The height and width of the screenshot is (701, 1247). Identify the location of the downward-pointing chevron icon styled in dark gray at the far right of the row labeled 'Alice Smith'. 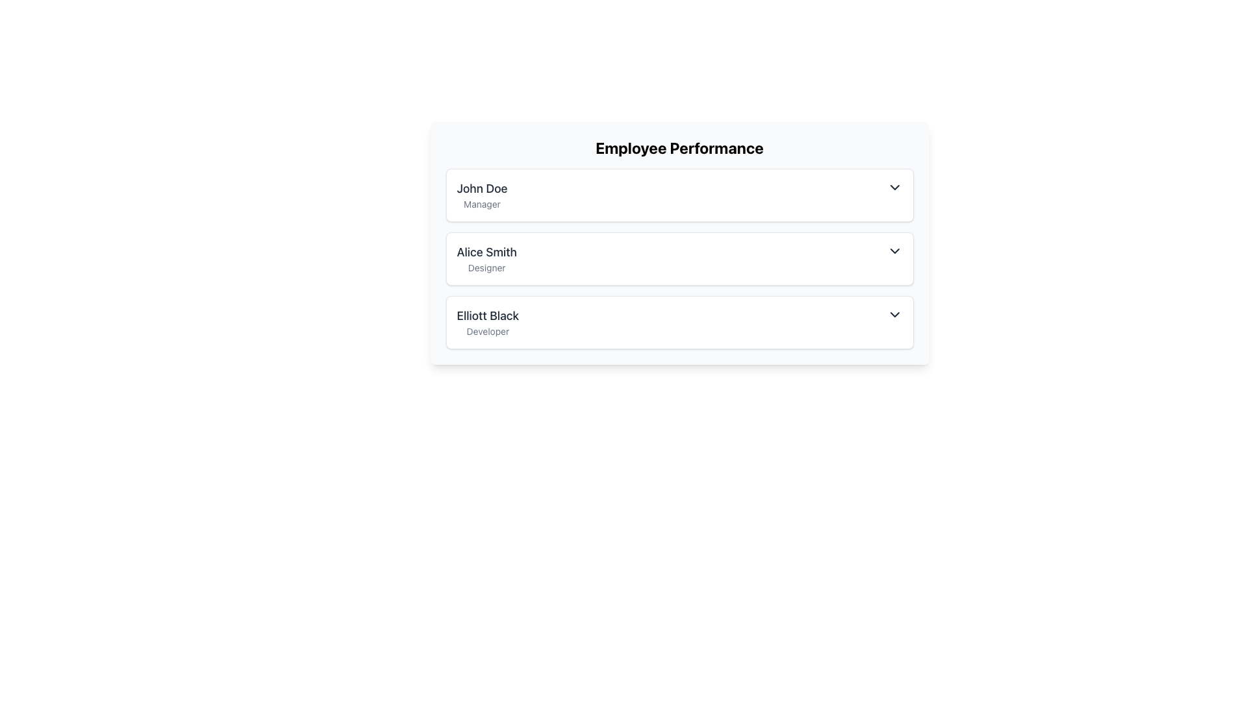
(894, 251).